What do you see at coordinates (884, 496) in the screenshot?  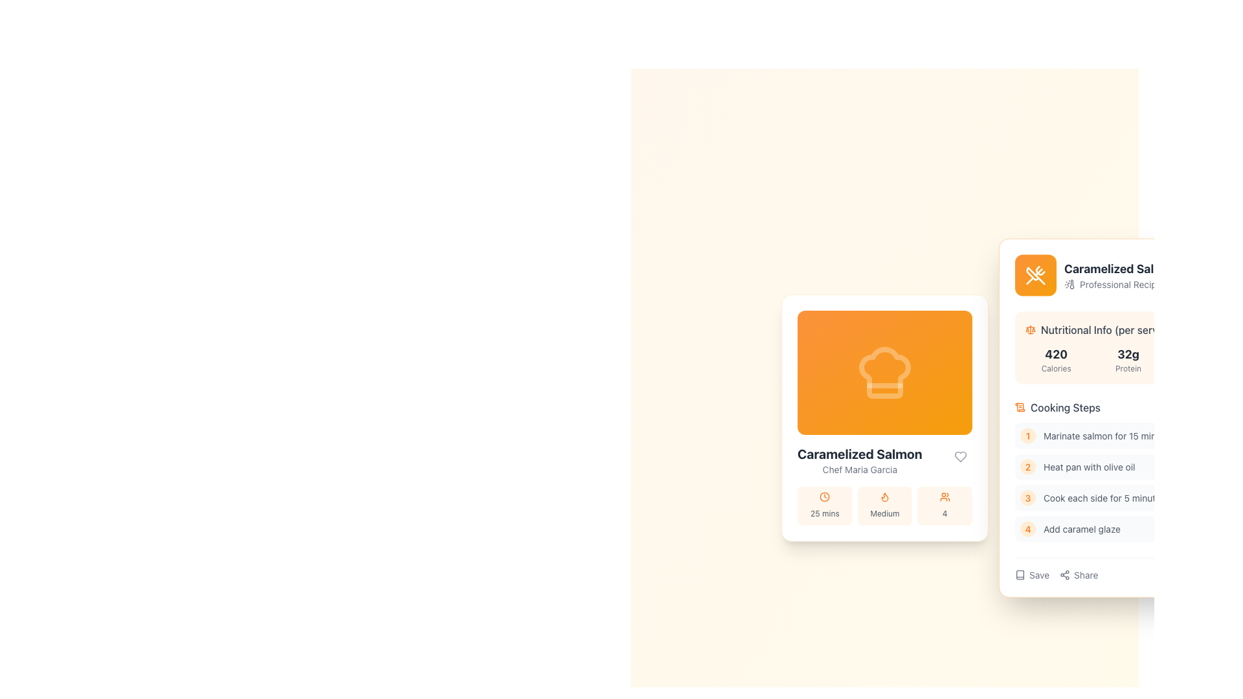 I see `the small flame icon that is visually styled in bright orange, located above the text 'Medium' within a card-like component` at bounding box center [884, 496].